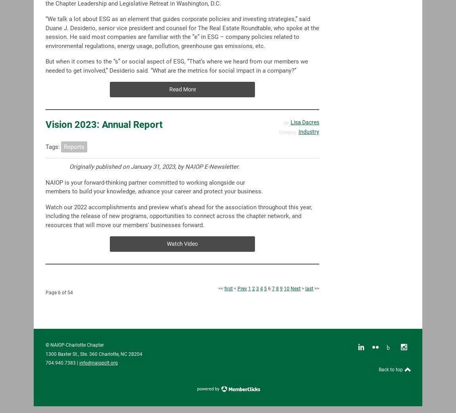 This screenshot has height=413, width=456. I want to click on 'Lisa Dacres', so click(290, 122).